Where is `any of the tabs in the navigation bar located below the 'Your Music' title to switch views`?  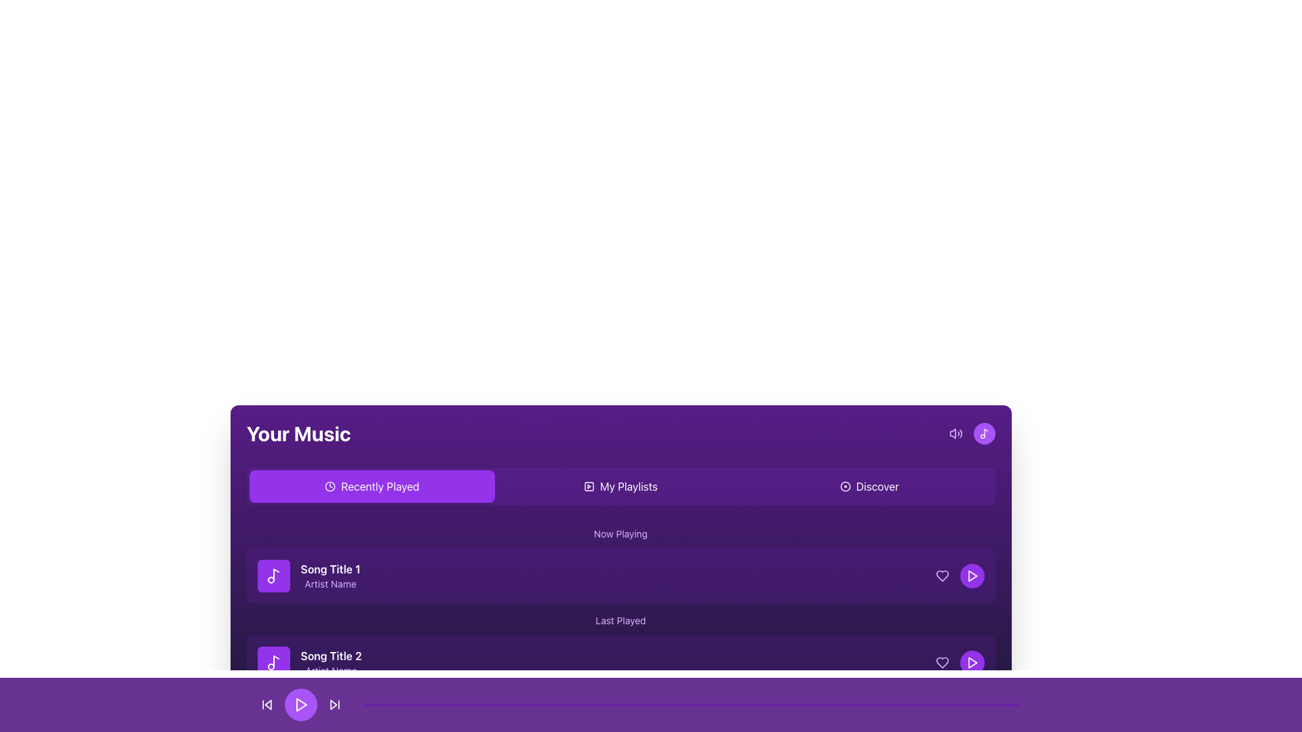 any of the tabs in the navigation bar located below the 'Your Music' title to switch views is located at coordinates (620, 485).